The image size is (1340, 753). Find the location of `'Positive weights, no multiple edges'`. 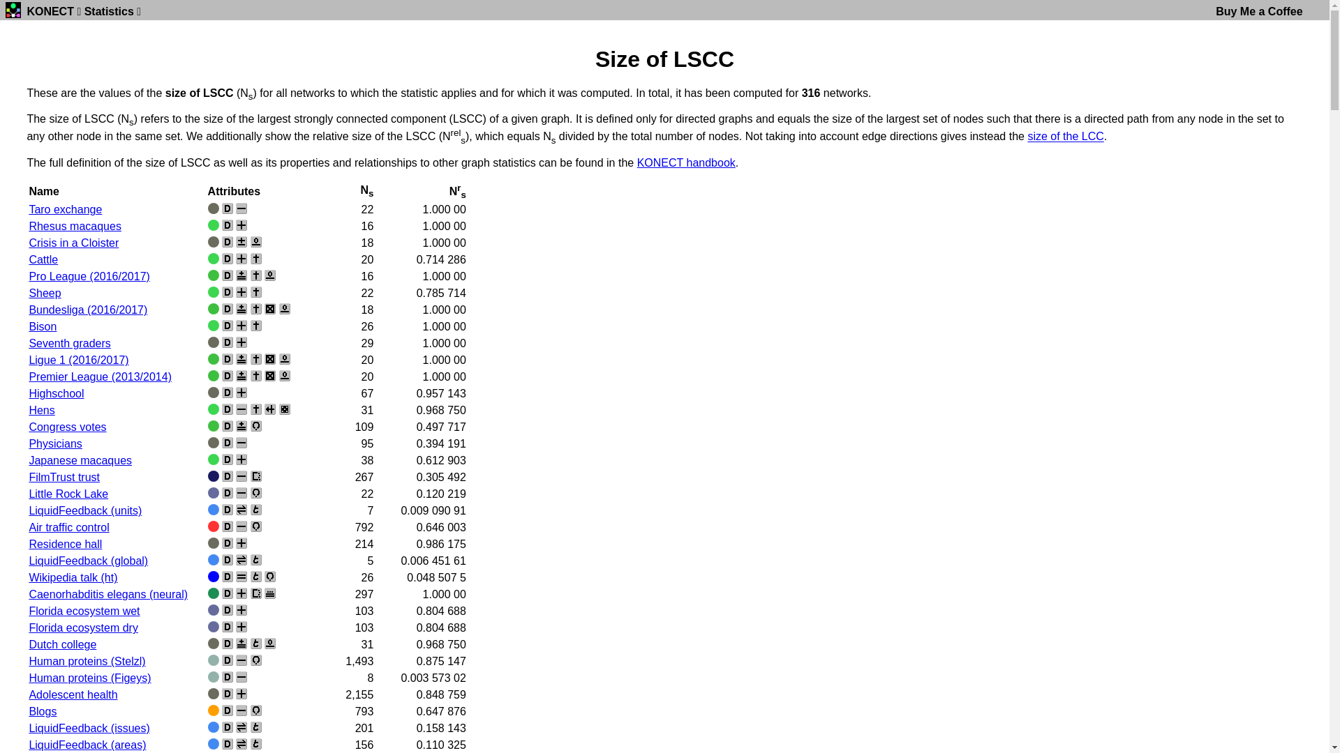

'Positive weights, no multiple edges' is located at coordinates (241, 258).